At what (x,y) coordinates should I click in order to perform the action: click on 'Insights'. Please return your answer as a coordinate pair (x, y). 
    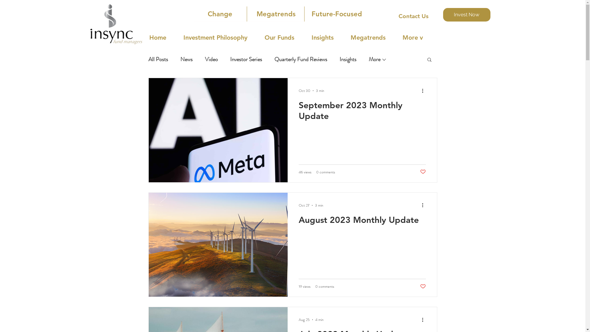
    Looking at the image, I should click on (348, 59).